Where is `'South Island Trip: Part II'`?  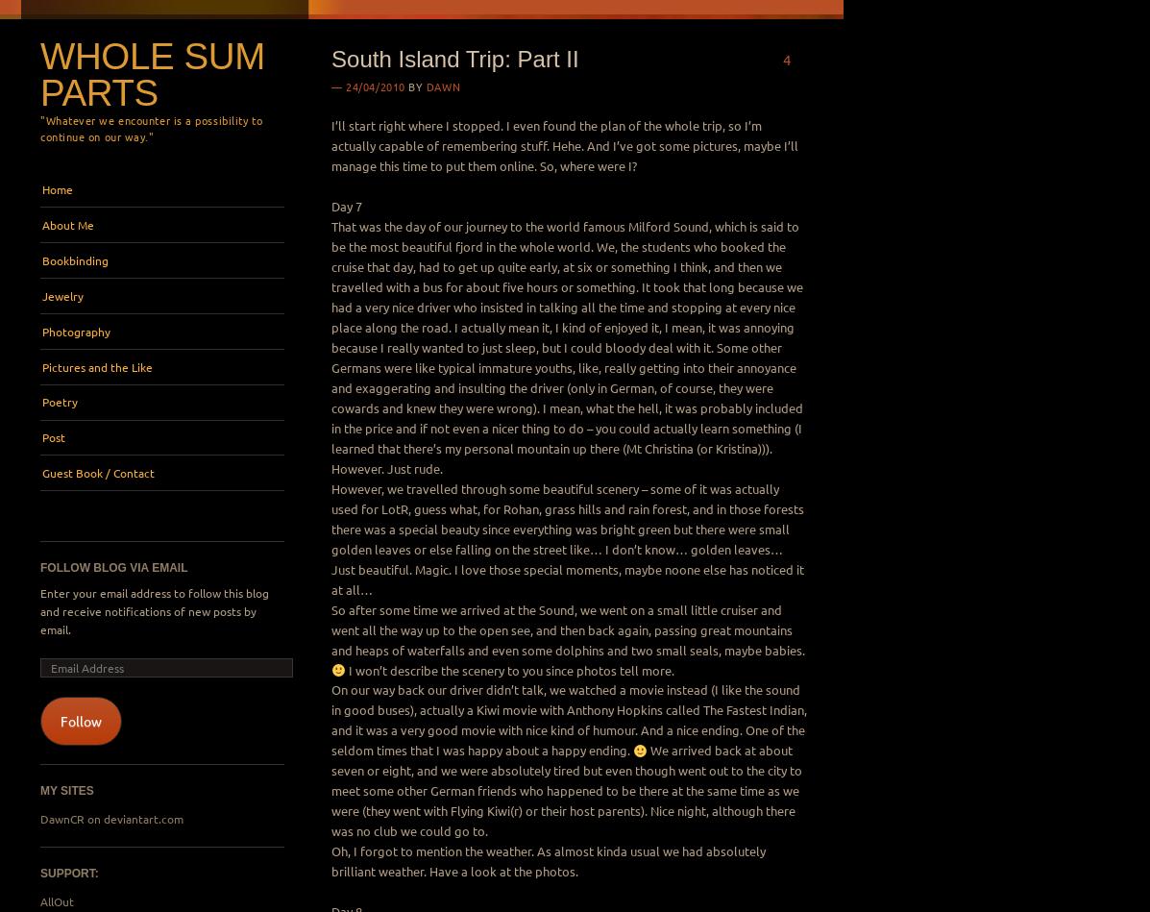
'South Island Trip: Part II' is located at coordinates (453, 58).